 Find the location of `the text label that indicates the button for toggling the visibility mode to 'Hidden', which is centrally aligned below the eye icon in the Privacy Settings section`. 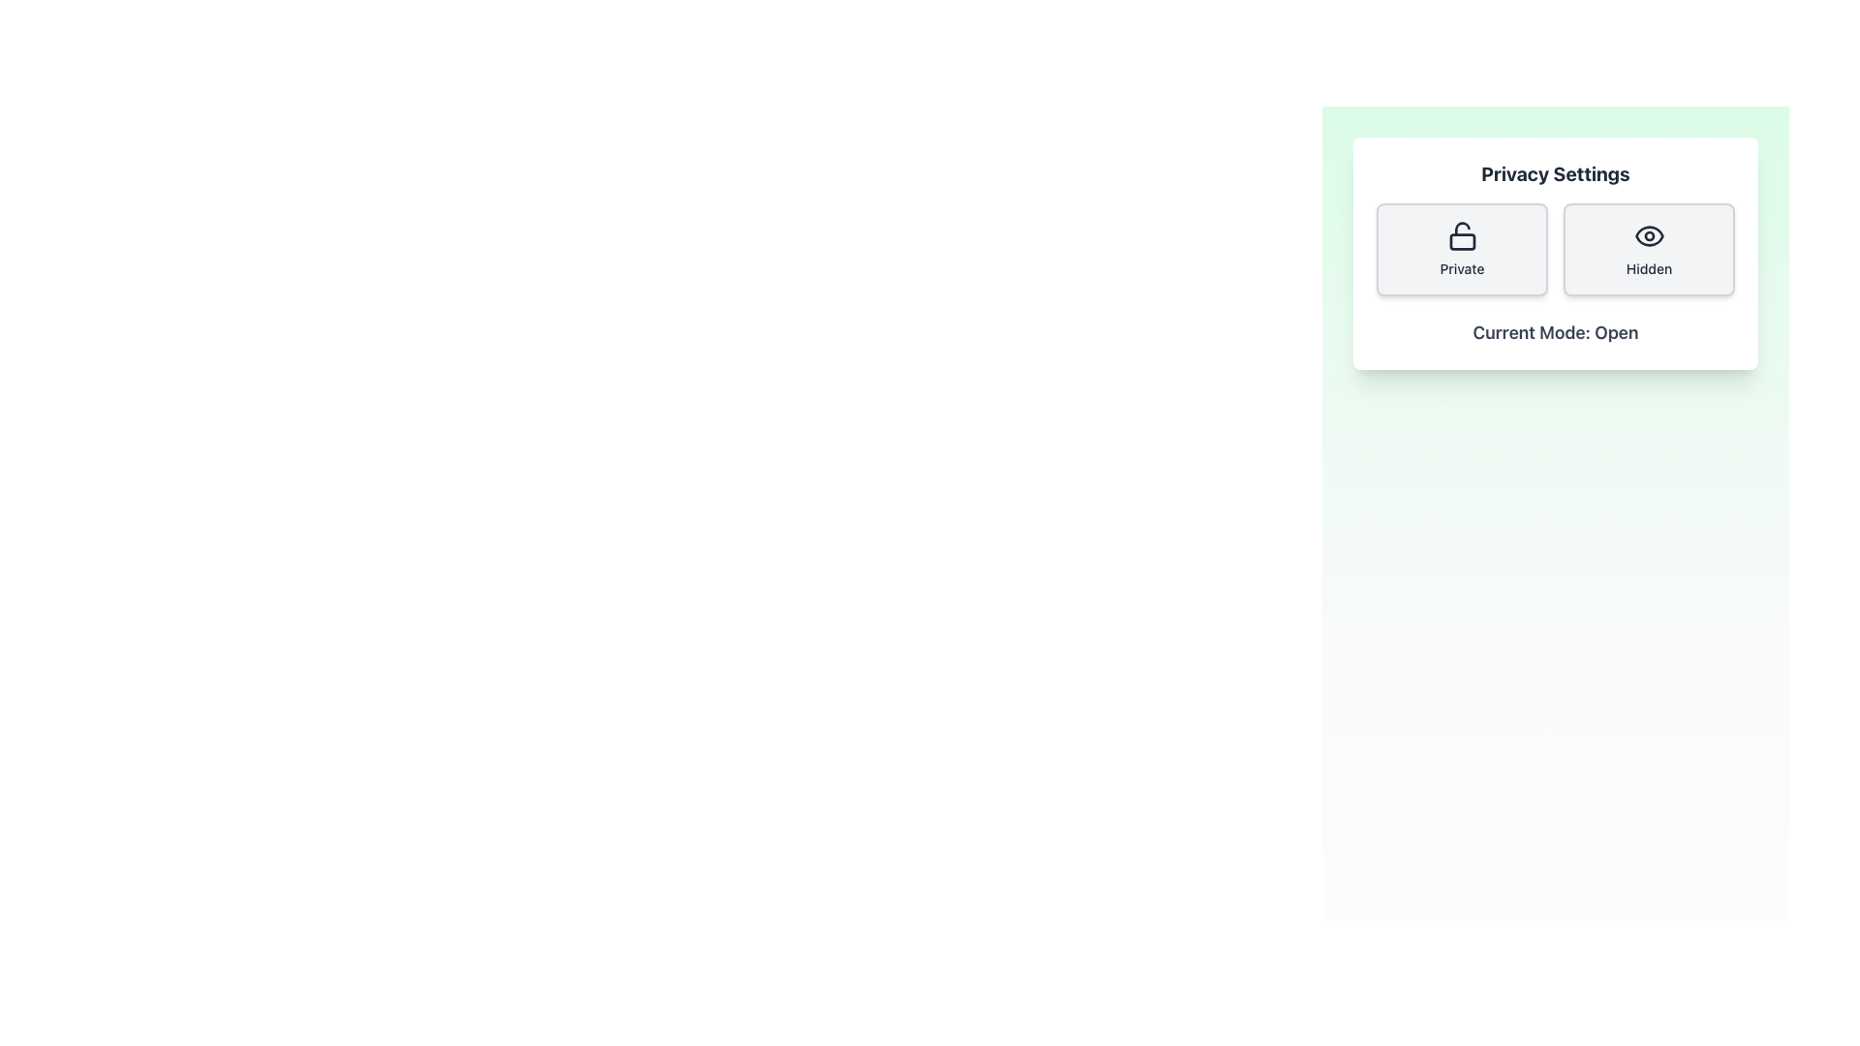

the text label that indicates the button for toggling the visibility mode to 'Hidden', which is centrally aligned below the eye icon in the Privacy Settings section is located at coordinates (1648, 268).